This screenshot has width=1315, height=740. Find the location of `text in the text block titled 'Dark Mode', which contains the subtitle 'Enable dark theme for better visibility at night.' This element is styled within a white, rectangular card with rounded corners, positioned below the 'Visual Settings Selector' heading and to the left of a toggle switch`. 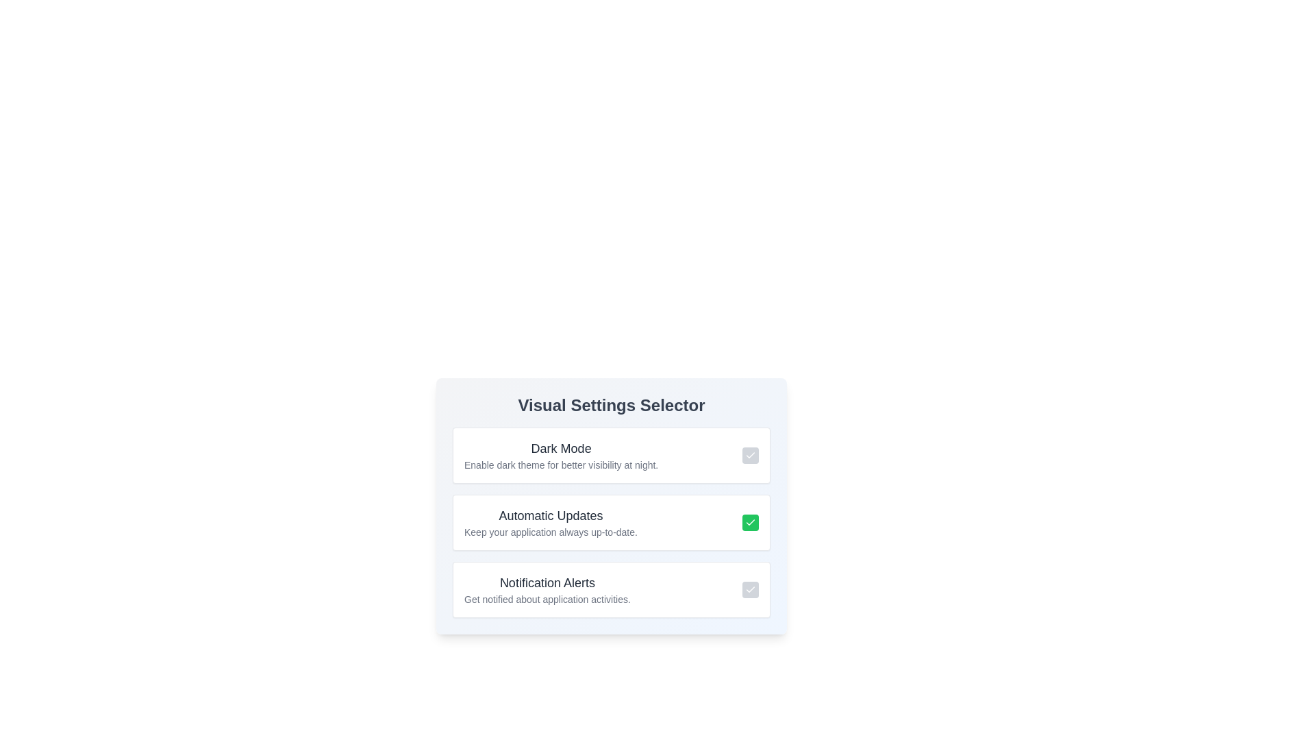

text in the text block titled 'Dark Mode', which contains the subtitle 'Enable dark theme for better visibility at night.' This element is styled within a white, rectangular card with rounded corners, positioned below the 'Visual Settings Selector' heading and to the left of a toggle switch is located at coordinates (561, 455).